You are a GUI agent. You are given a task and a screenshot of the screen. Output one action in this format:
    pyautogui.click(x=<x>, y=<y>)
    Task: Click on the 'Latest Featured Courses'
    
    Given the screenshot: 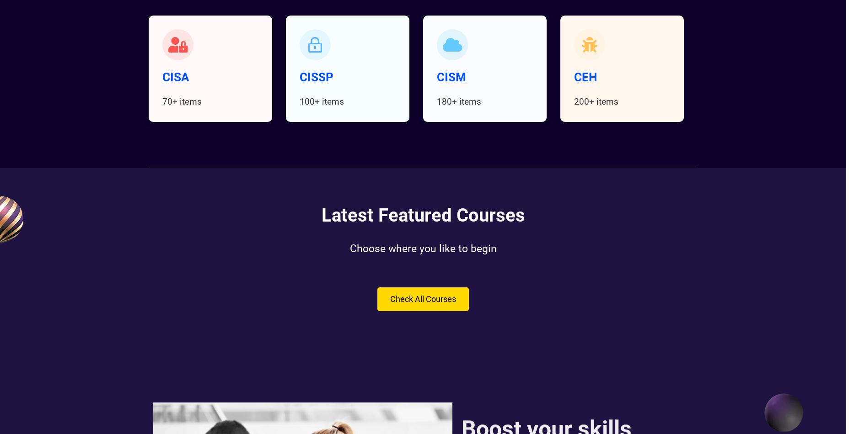 What is the action you would take?
    pyautogui.click(x=423, y=215)
    